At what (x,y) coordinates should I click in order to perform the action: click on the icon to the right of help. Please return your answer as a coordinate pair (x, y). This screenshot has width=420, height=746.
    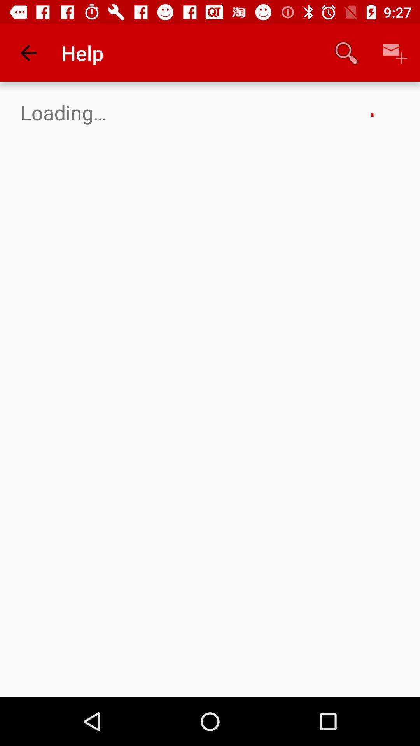
    Looking at the image, I should click on (346, 52).